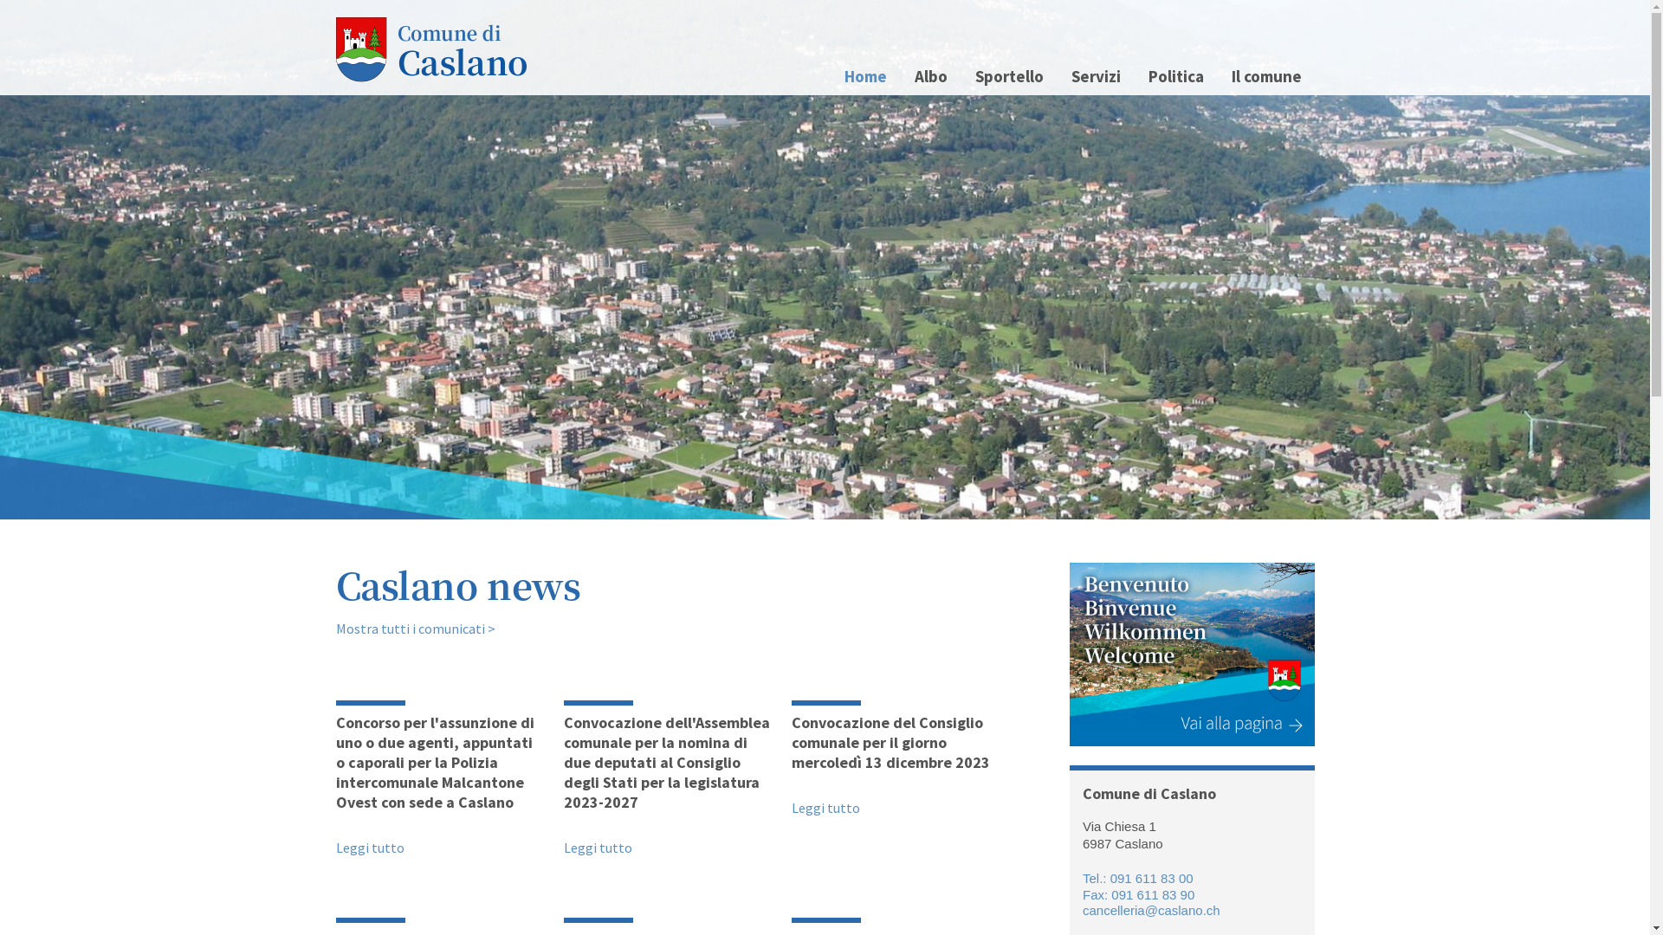 This screenshot has width=1663, height=935. Describe the element at coordinates (1217, 75) in the screenshot. I see `'Il comune'` at that location.